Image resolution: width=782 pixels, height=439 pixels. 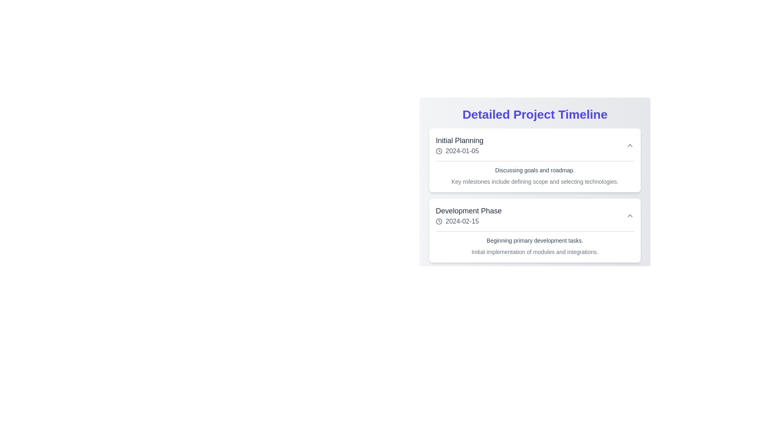 I want to click on the text block that provides a description regarding the initial implementation of modules and integrations, located below 'Beginning primary development tasks.' in the 'Development Phase' timeline section dated '2024-02-15.', so click(x=535, y=252).